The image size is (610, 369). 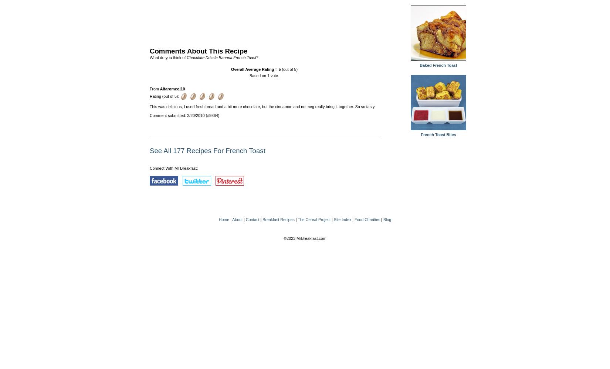 What do you see at coordinates (237, 219) in the screenshot?
I see `'About'` at bounding box center [237, 219].